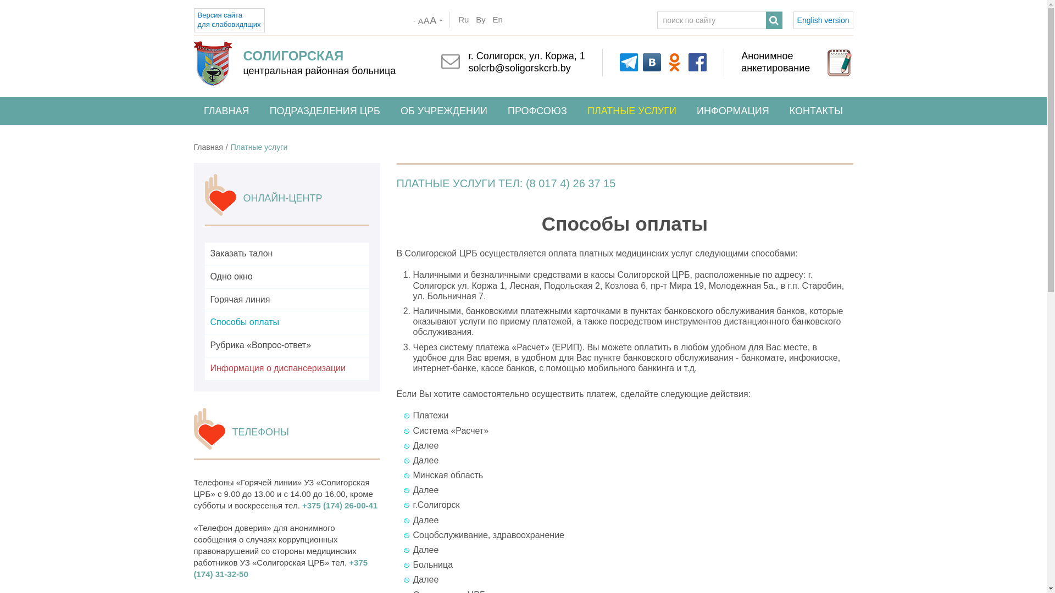 This screenshot has height=593, width=1055. I want to click on 'solcrb@soligorskcrb.by', so click(519, 68).